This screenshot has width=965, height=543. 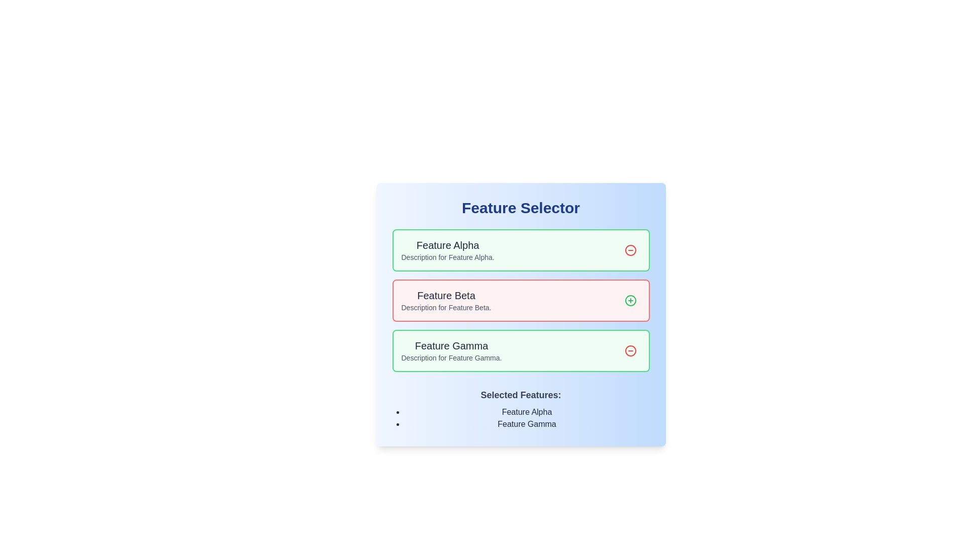 I want to click on the circular button with a red border and a minus icon, located to the right of the green box labeled 'Feature Gamma', so click(x=630, y=350).